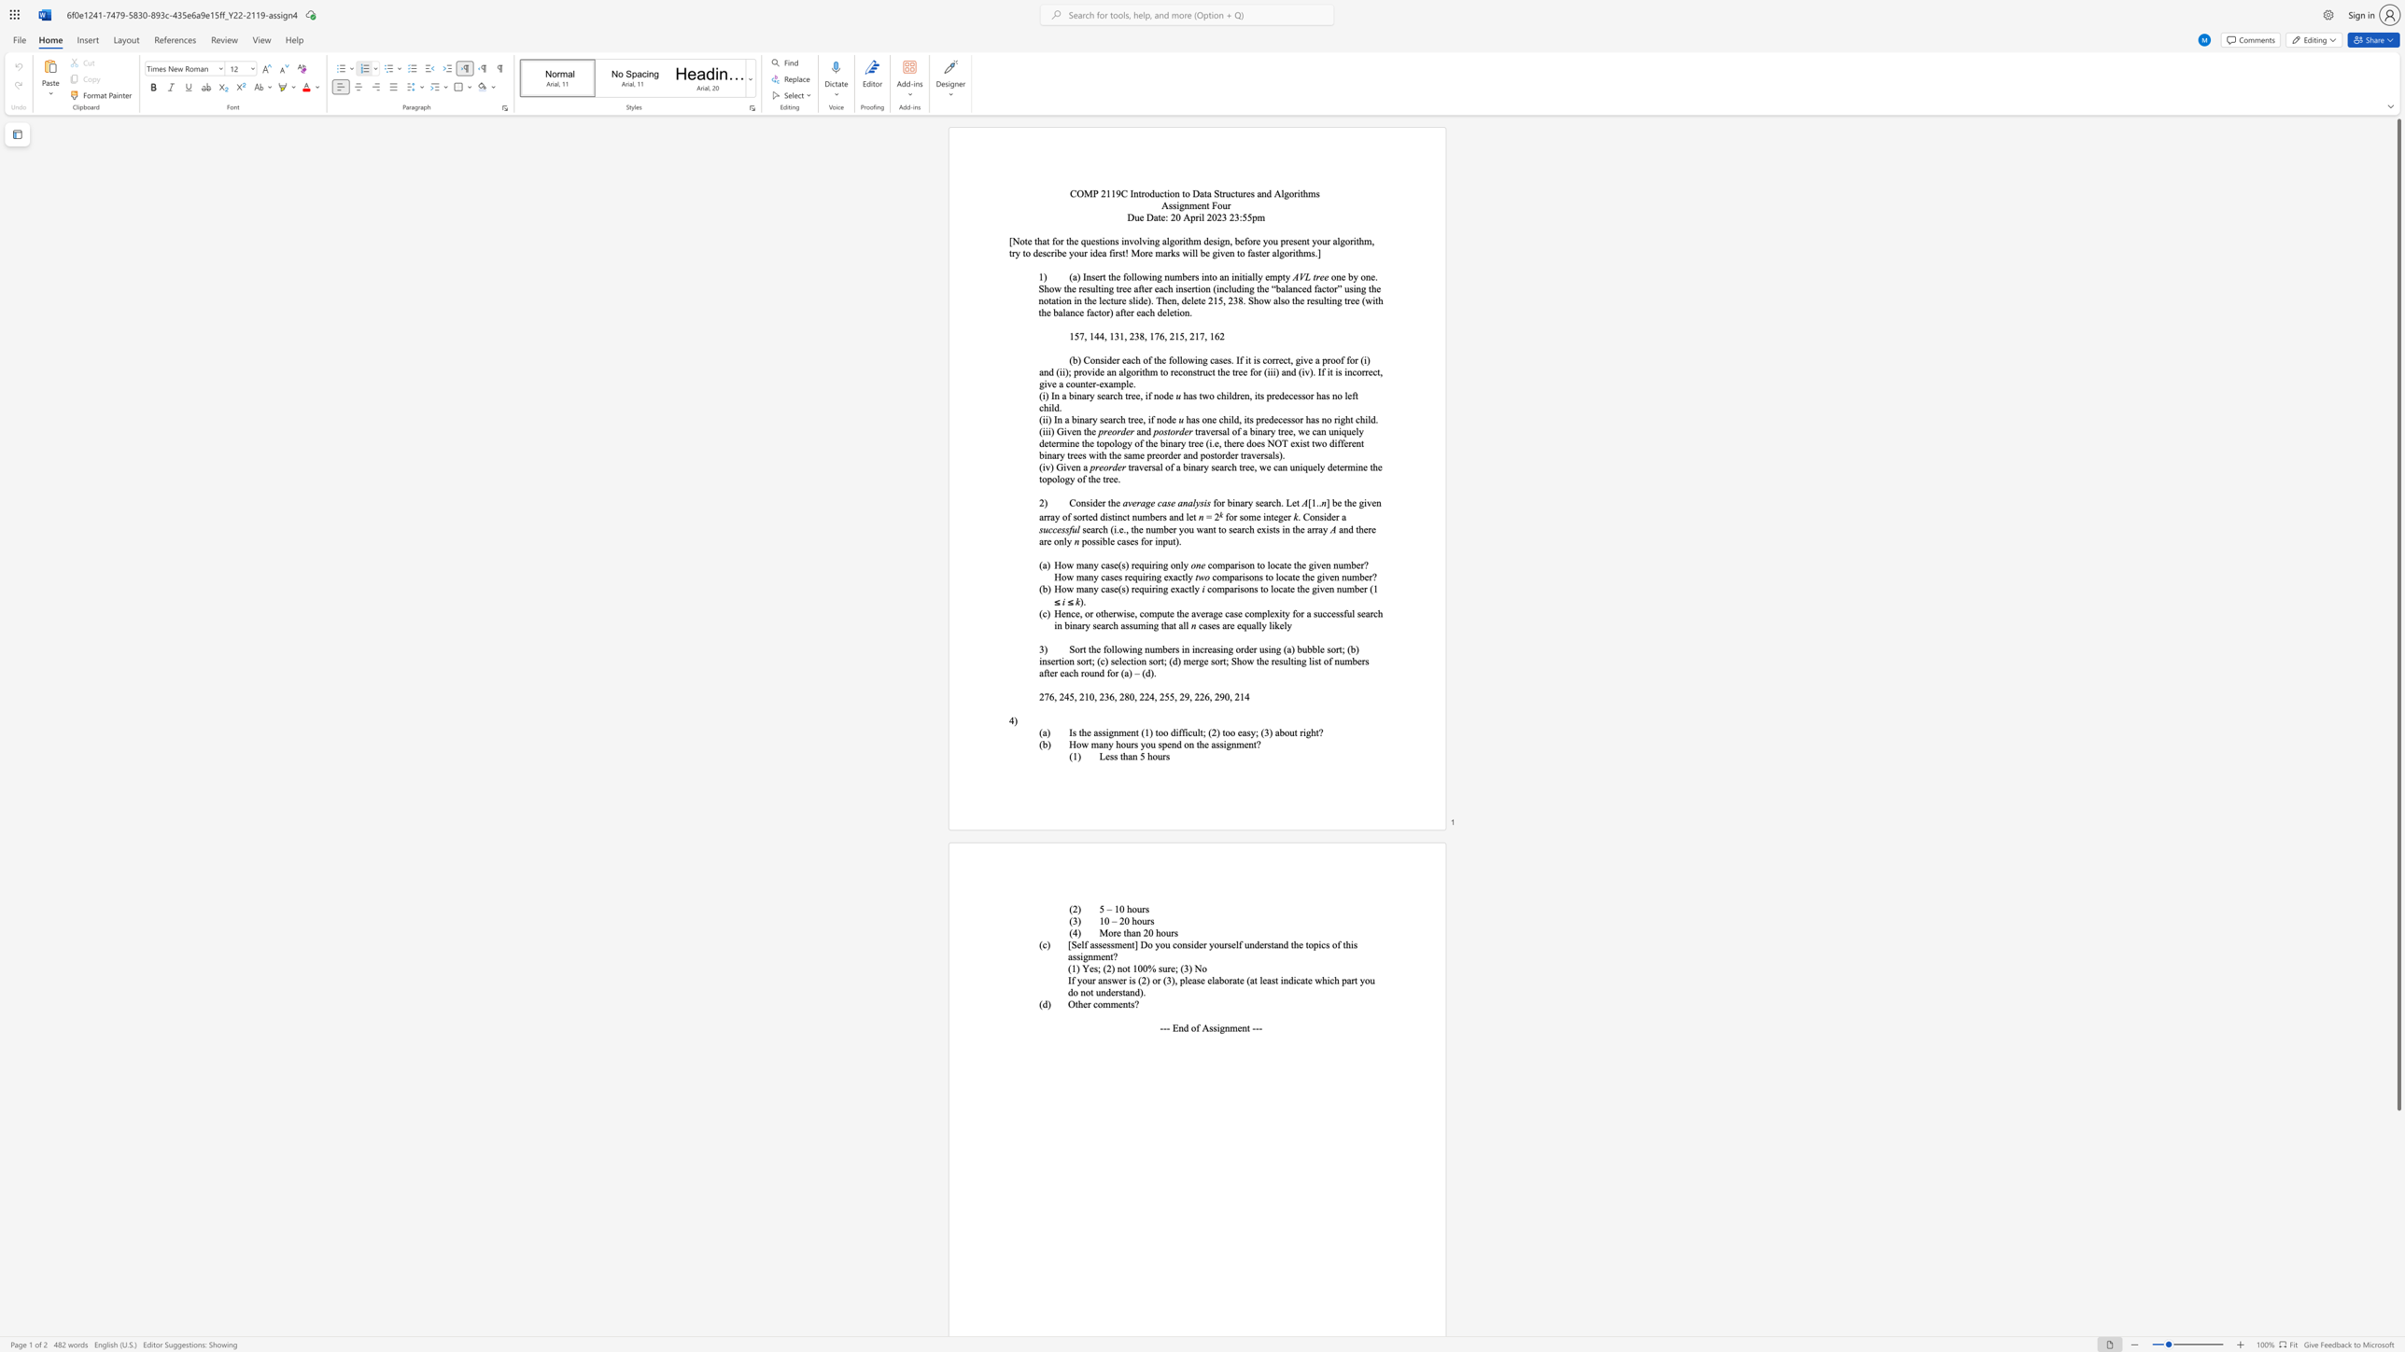 Image resolution: width=2405 pixels, height=1352 pixels. I want to click on the 1th character "s" in the text, so click(1174, 931).